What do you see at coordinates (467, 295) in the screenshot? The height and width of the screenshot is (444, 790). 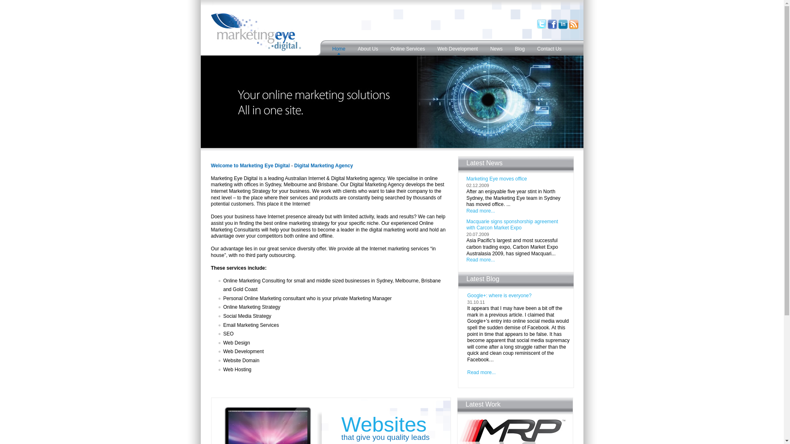 I see `'Google+: where is everyone?'` at bounding box center [467, 295].